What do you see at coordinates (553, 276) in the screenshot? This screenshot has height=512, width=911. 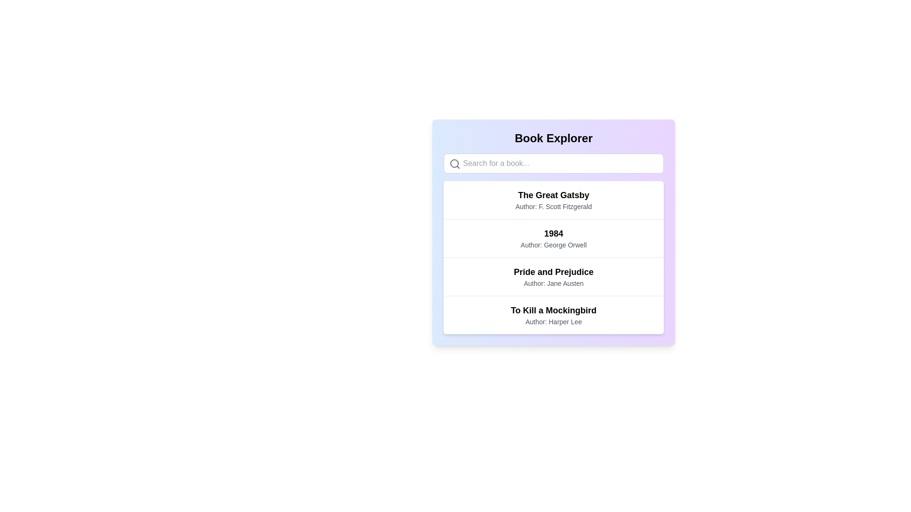 I see `to select the list item for the book titled 'Pride and Prejudice' by Jane Austen, which is the third item in the book list` at bounding box center [553, 276].